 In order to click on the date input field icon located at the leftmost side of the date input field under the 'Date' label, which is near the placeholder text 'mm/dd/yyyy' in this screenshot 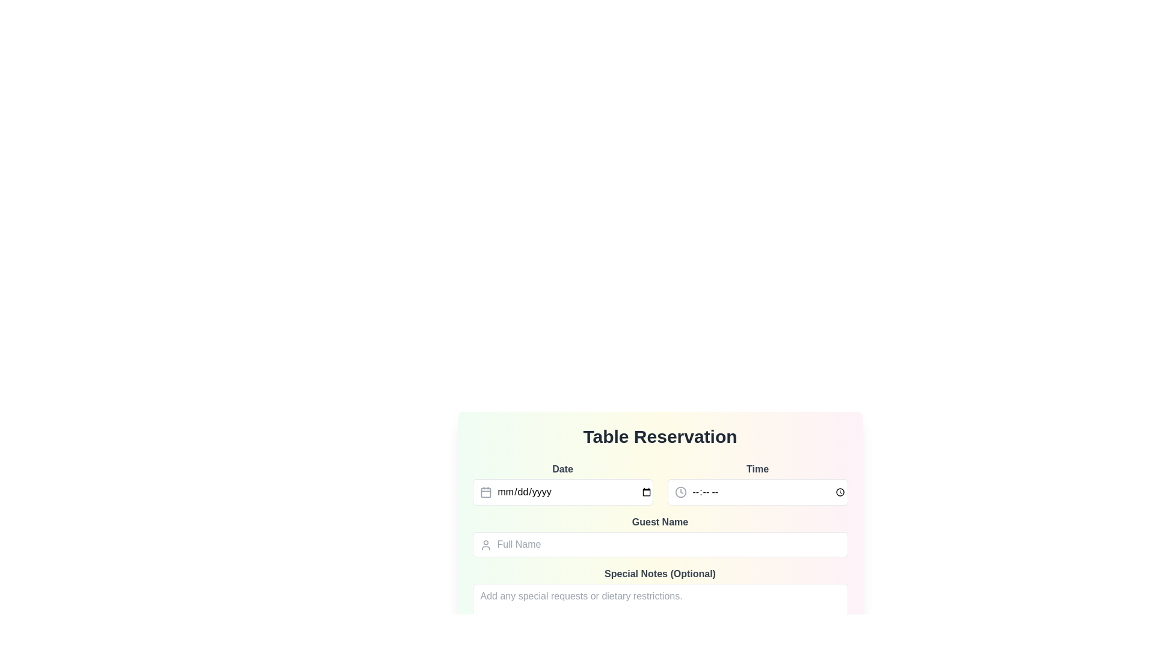, I will do `click(485, 492)`.